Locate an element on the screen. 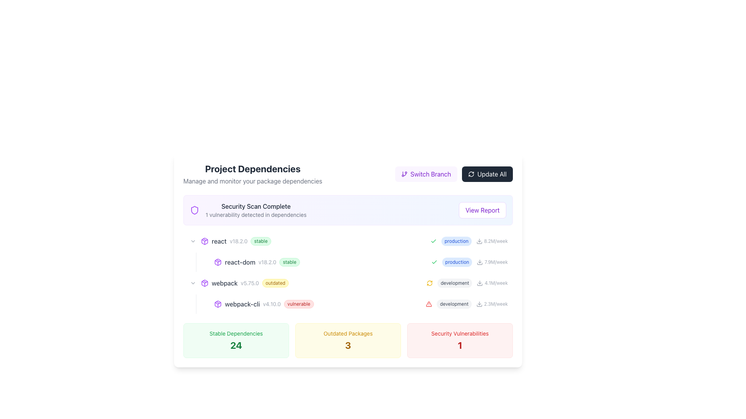  the Expandable section toggle icon is located at coordinates (193, 241).